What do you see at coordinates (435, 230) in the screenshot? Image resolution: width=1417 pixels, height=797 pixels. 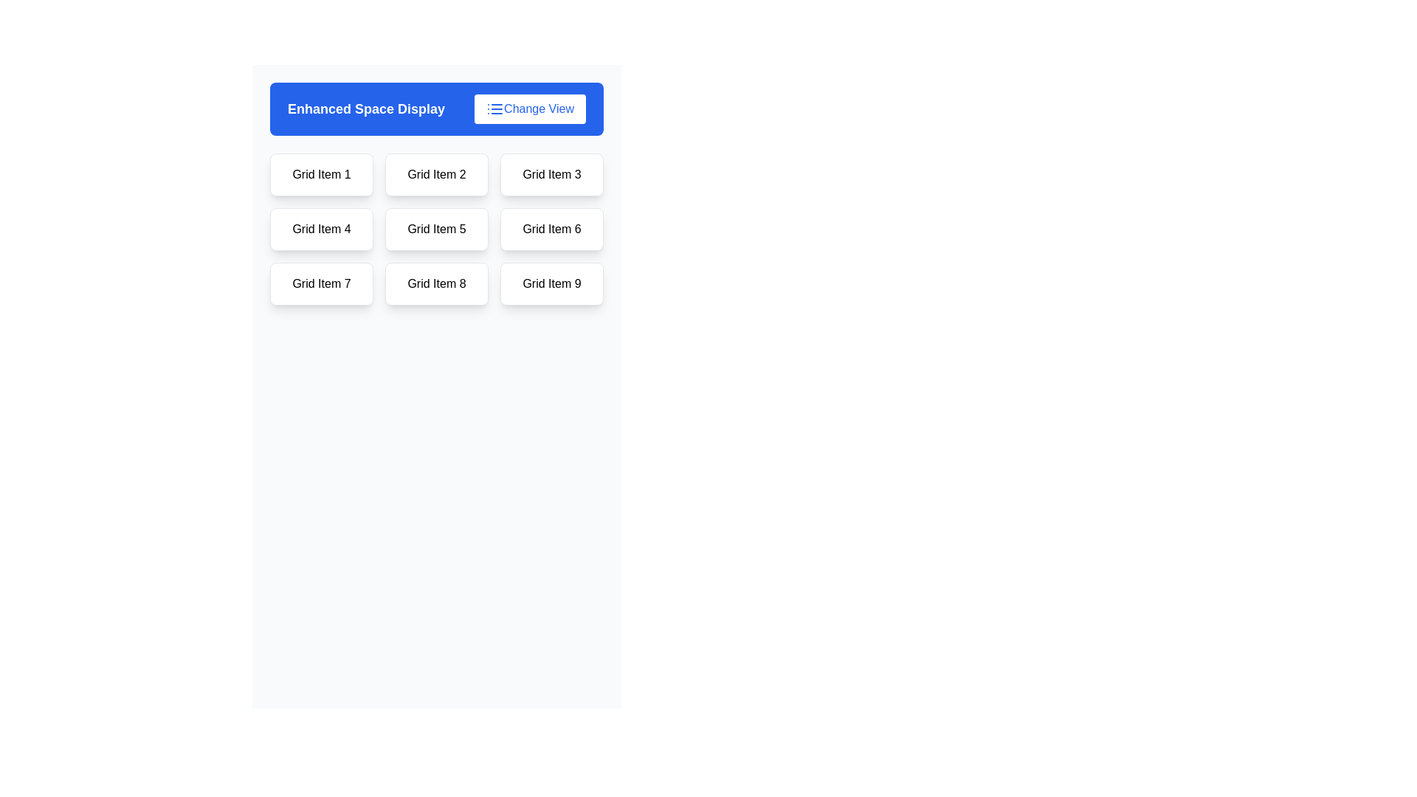 I see `the fifth grid item, which is centrally located in the middle row of a 3x3 grid layout, positioned between 'Grid Item 4' and 'Grid Item 6', below the blue header labeled 'Enhanced Space Display'` at bounding box center [435, 230].